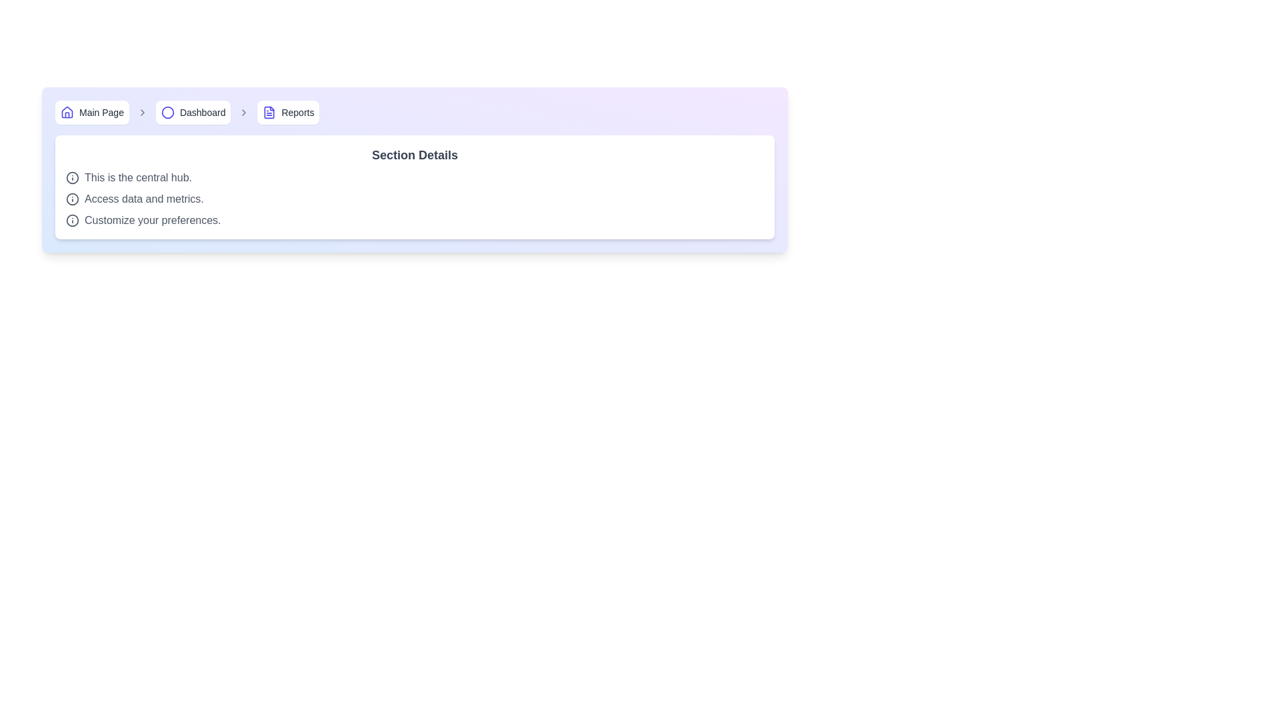  What do you see at coordinates (244, 112) in the screenshot?
I see `the chevron icon that serves as a visual separator in the breadcrumb navigation between 'Dashboard' and 'Reports'. It is the third chevron icon encountered in the left-to-right order` at bounding box center [244, 112].